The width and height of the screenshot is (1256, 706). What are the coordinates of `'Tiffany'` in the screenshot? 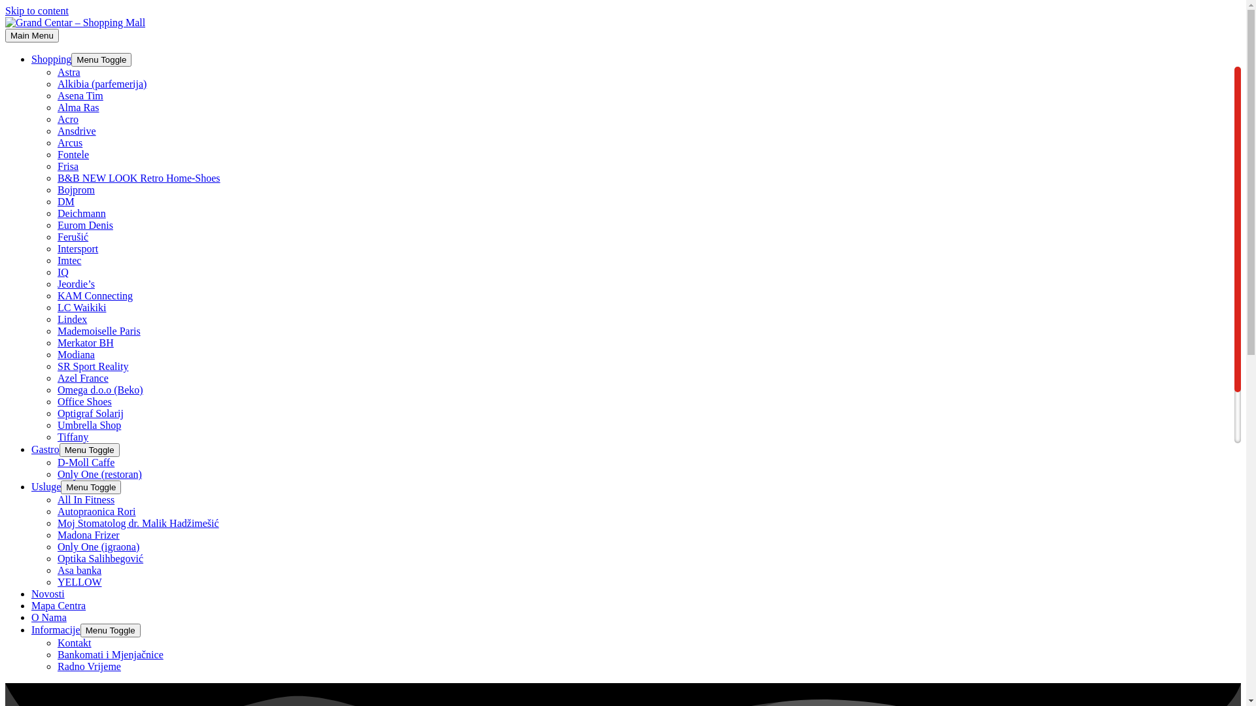 It's located at (72, 437).